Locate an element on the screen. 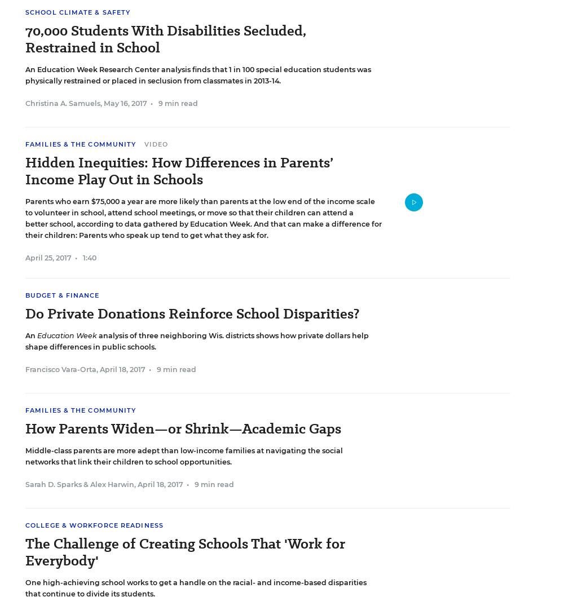 This screenshot has height=597, width=564. 'Parents who earn $75,000 a year are more likely than parents at the low end of the income scale to volunteer in school, attend school meetings, or move so that their children can attend a better school, according to data gathered by Education Week. And that can make a difference for their children: Parents who speak up tend to get what they ask for.' is located at coordinates (203, 218).